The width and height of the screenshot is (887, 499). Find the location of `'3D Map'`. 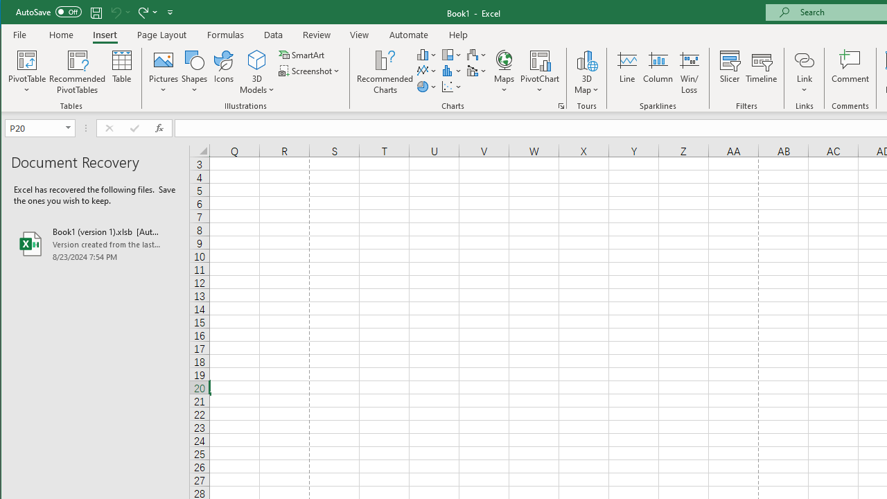

'3D Map' is located at coordinates (586, 72).